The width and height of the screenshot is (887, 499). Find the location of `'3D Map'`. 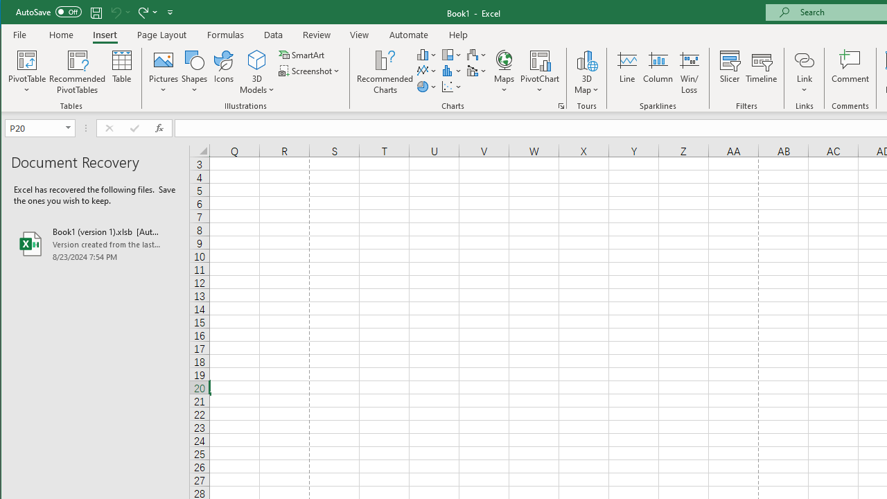

'3D Map' is located at coordinates (586, 72).